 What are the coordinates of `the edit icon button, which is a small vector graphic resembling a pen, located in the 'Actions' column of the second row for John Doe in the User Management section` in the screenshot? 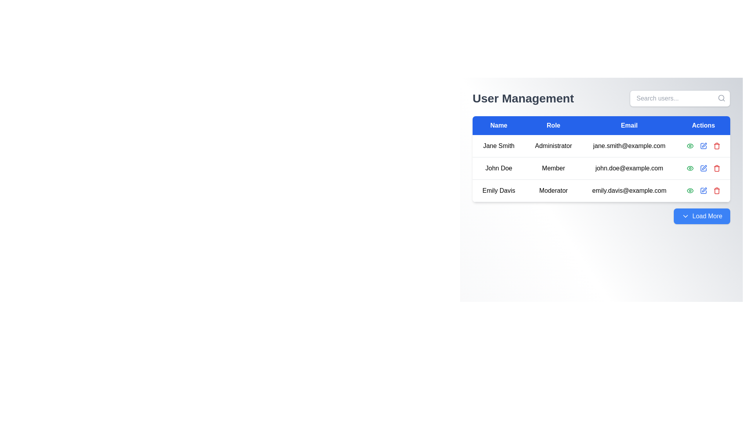 It's located at (704, 167).